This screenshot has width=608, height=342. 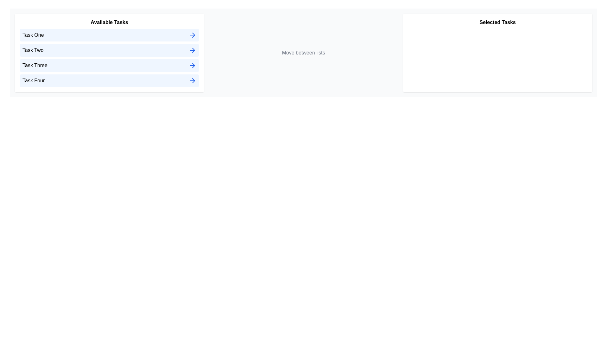 I want to click on right arrow icon next to the task named Task Two in the 'Available Tasks' list, so click(x=192, y=50).